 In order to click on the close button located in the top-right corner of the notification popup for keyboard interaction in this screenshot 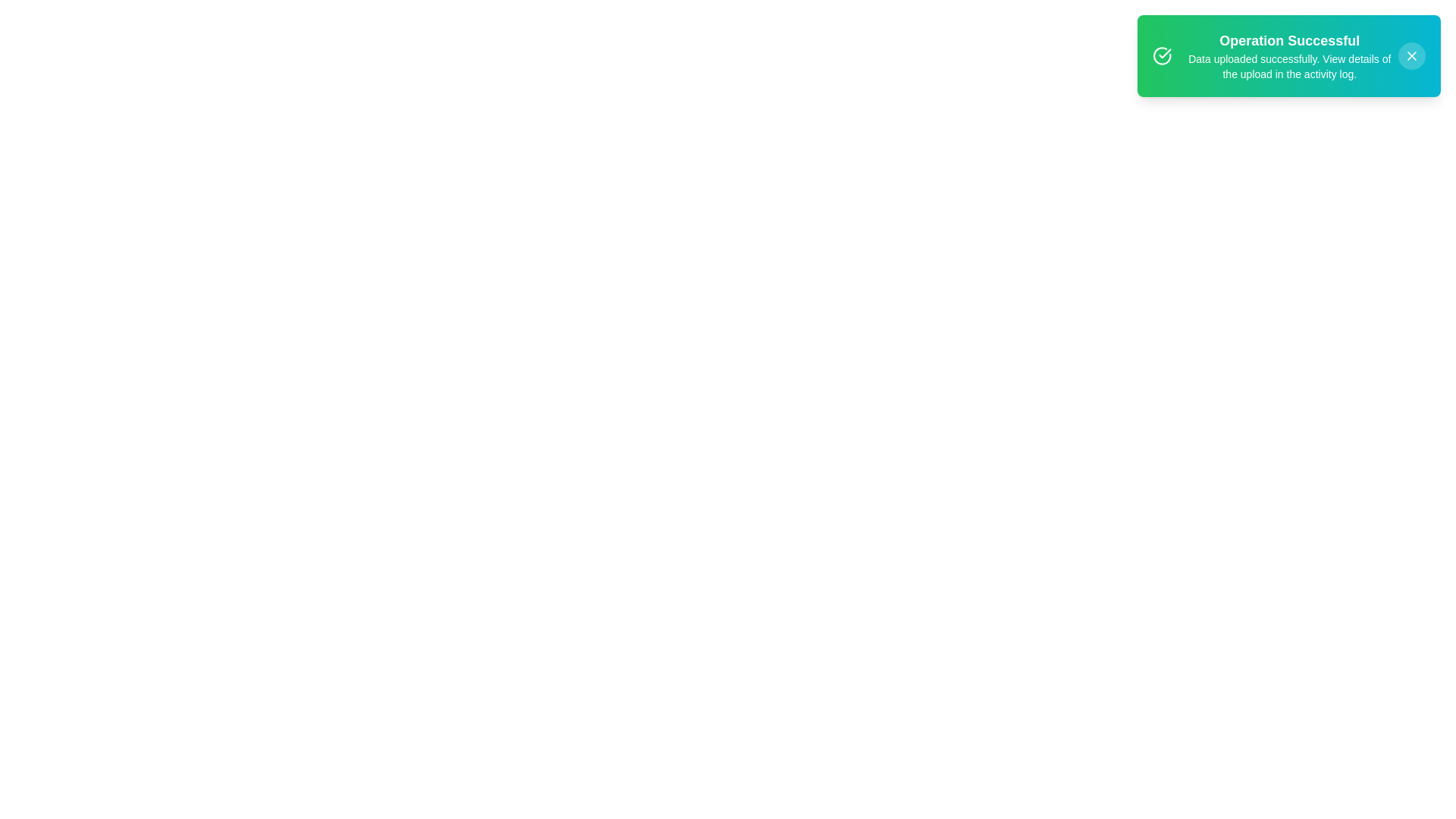, I will do `click(1411, 55)`.